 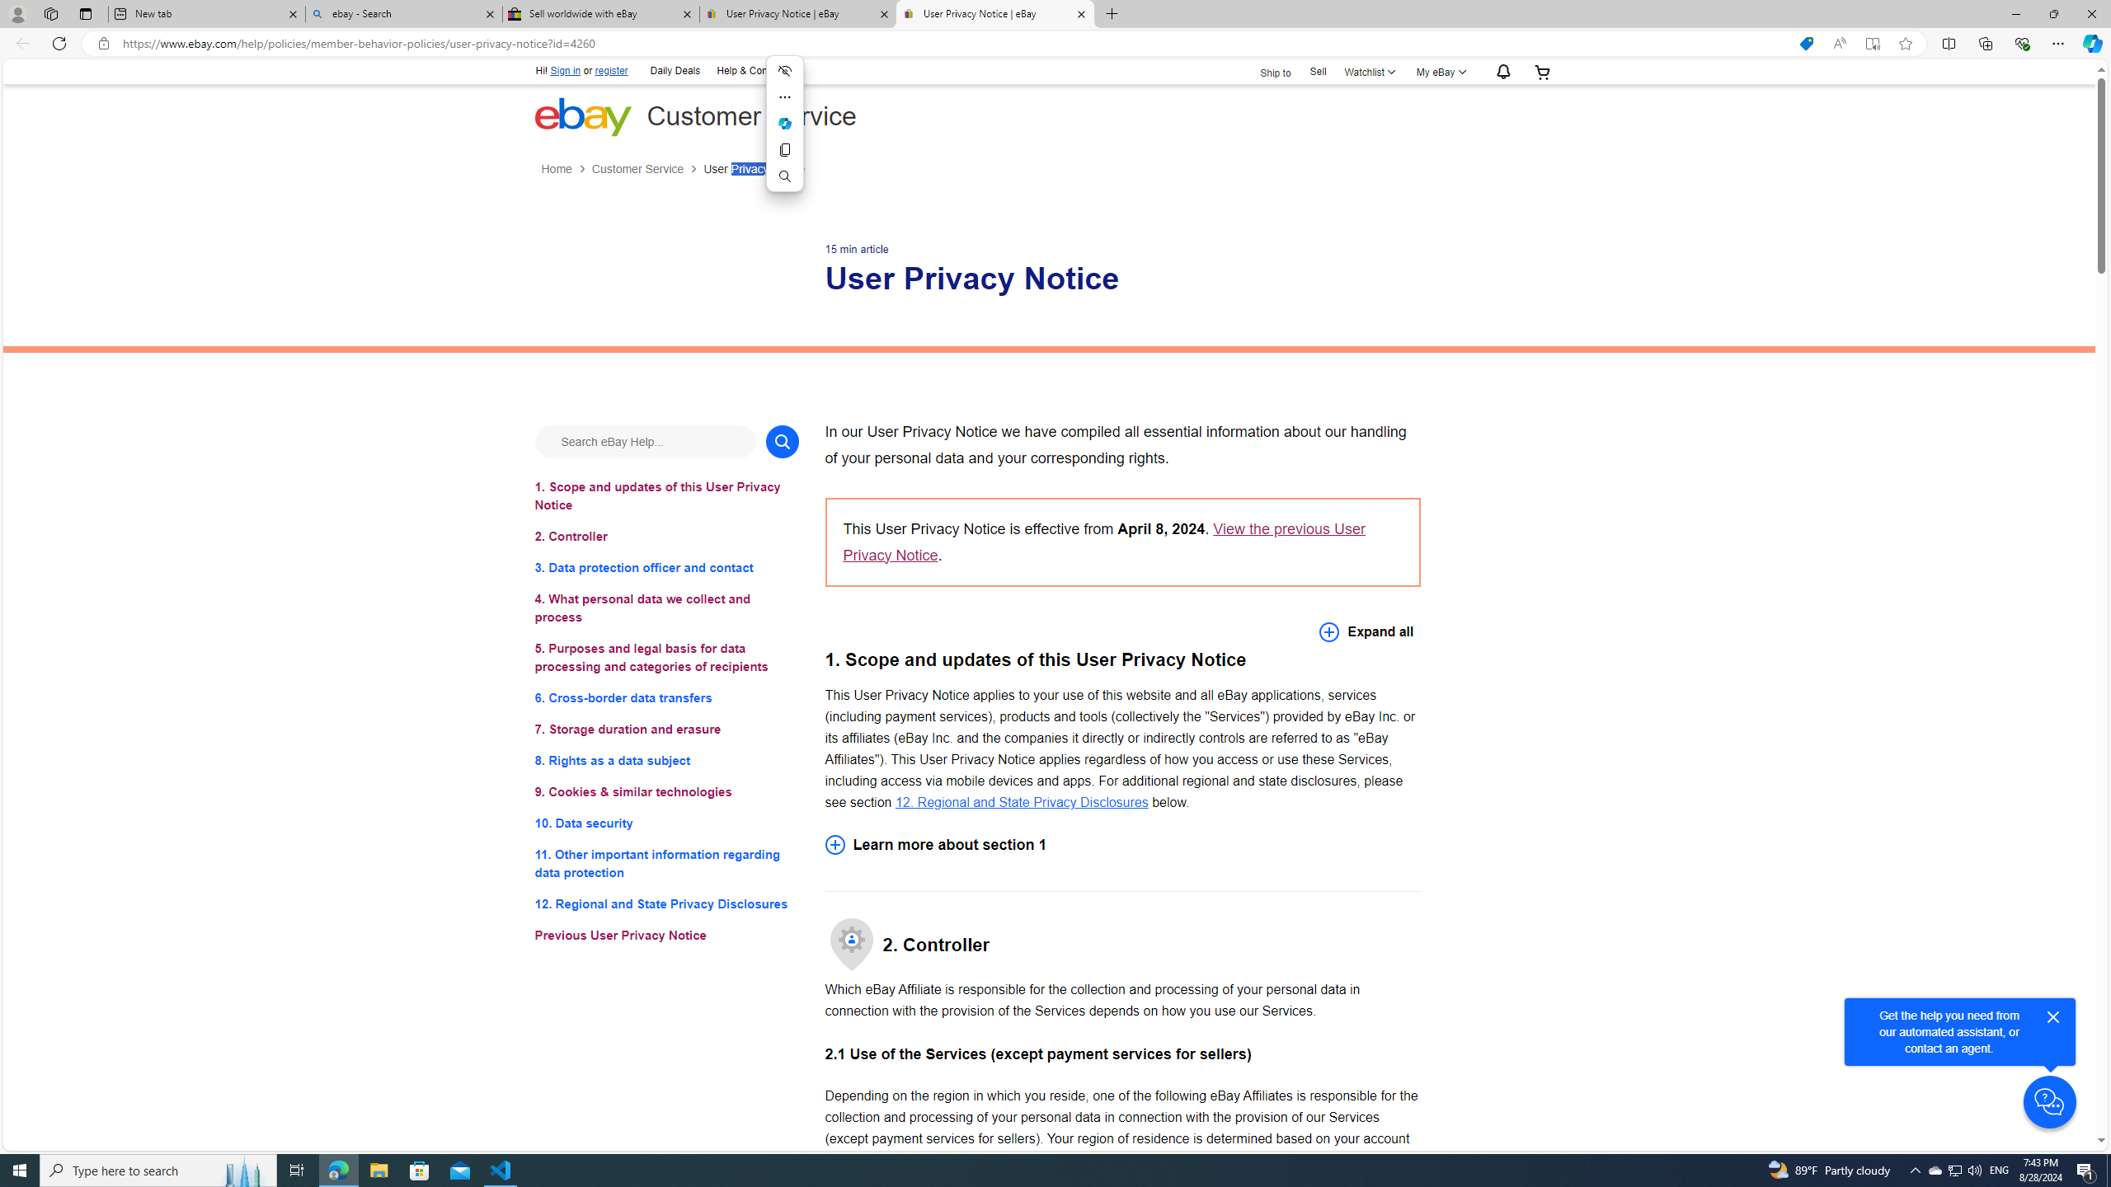 What do you see at coordinates (601, 13) in the screenshot?
I see `'Sell worldwide with eBay'` at bounding box center [601, 13].